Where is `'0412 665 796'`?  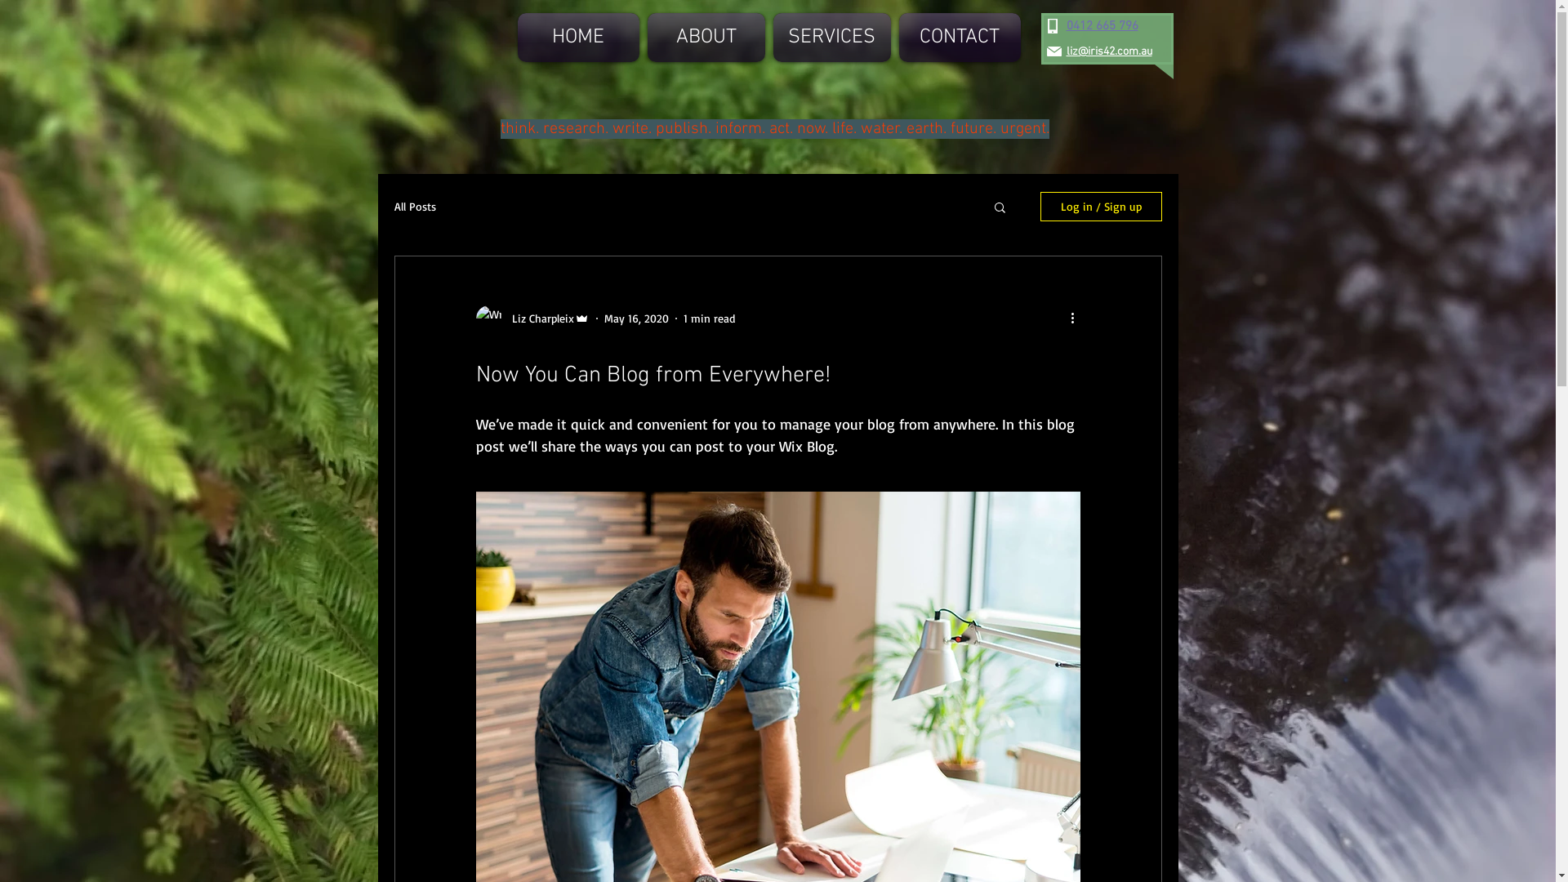
'0412 665 796' is located at coordinates (1102, 25).